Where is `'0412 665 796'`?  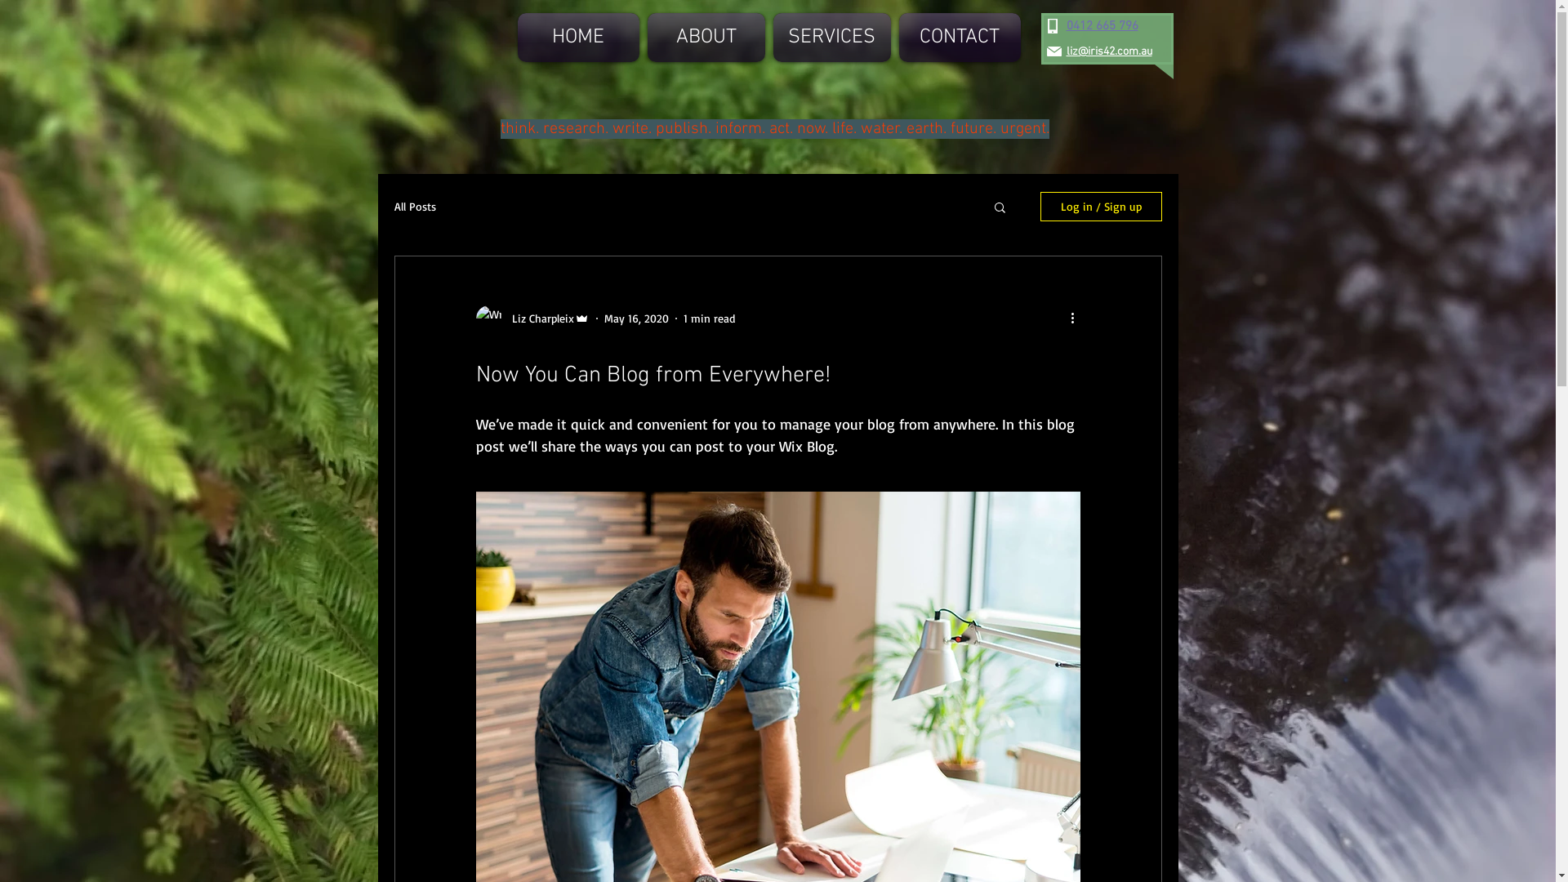
'0412 665 796' is located at coordinates (1102, 25).